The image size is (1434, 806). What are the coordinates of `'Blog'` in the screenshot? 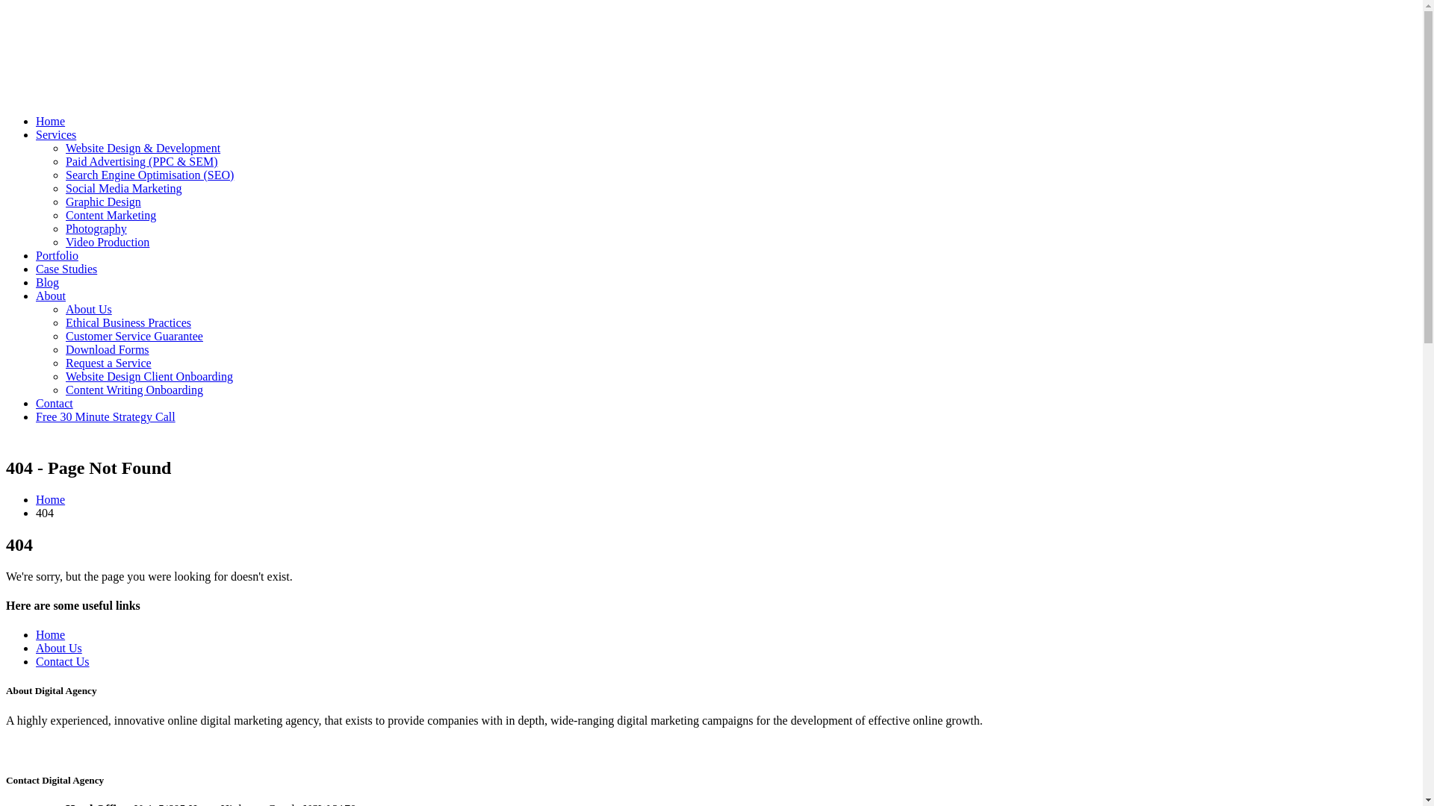 It's located at (36, 282).